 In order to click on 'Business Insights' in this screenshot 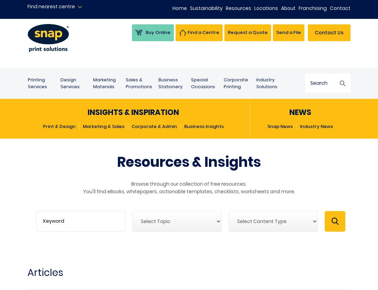, I will do `click(203, 126)`.